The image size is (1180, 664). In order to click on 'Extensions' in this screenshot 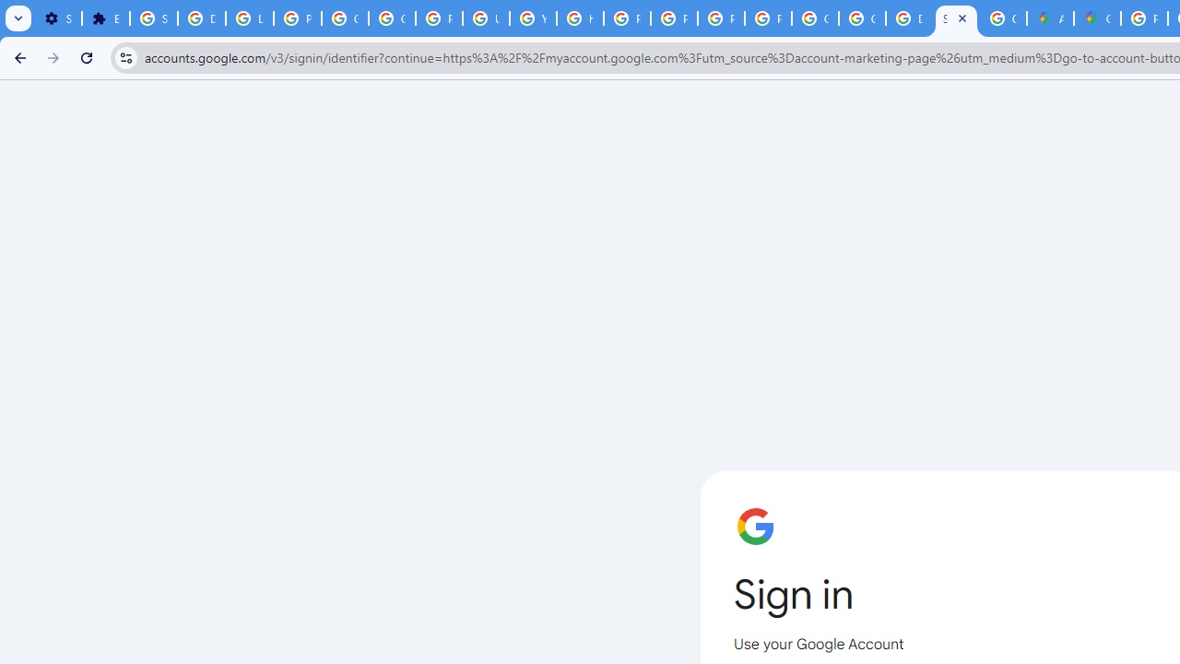, I will do `click(104, 18)`.